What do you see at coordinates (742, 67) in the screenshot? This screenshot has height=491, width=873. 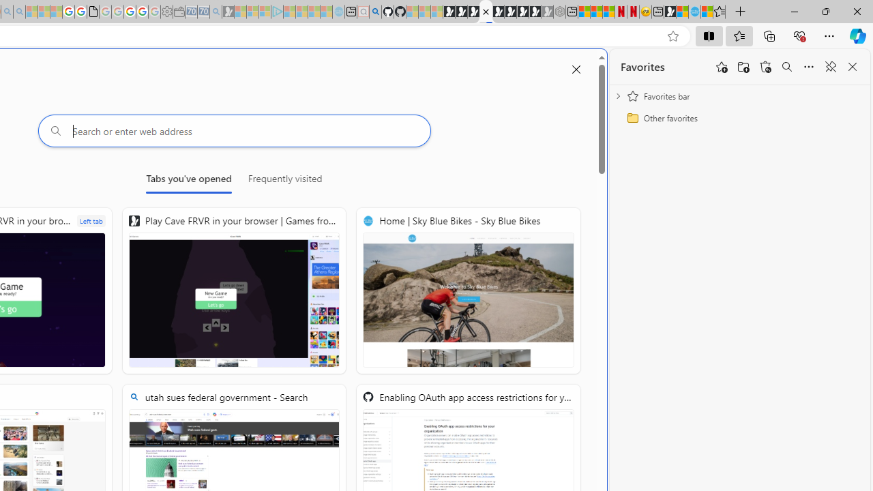 I see `'Add folder'` at bounding box center [742, 67].